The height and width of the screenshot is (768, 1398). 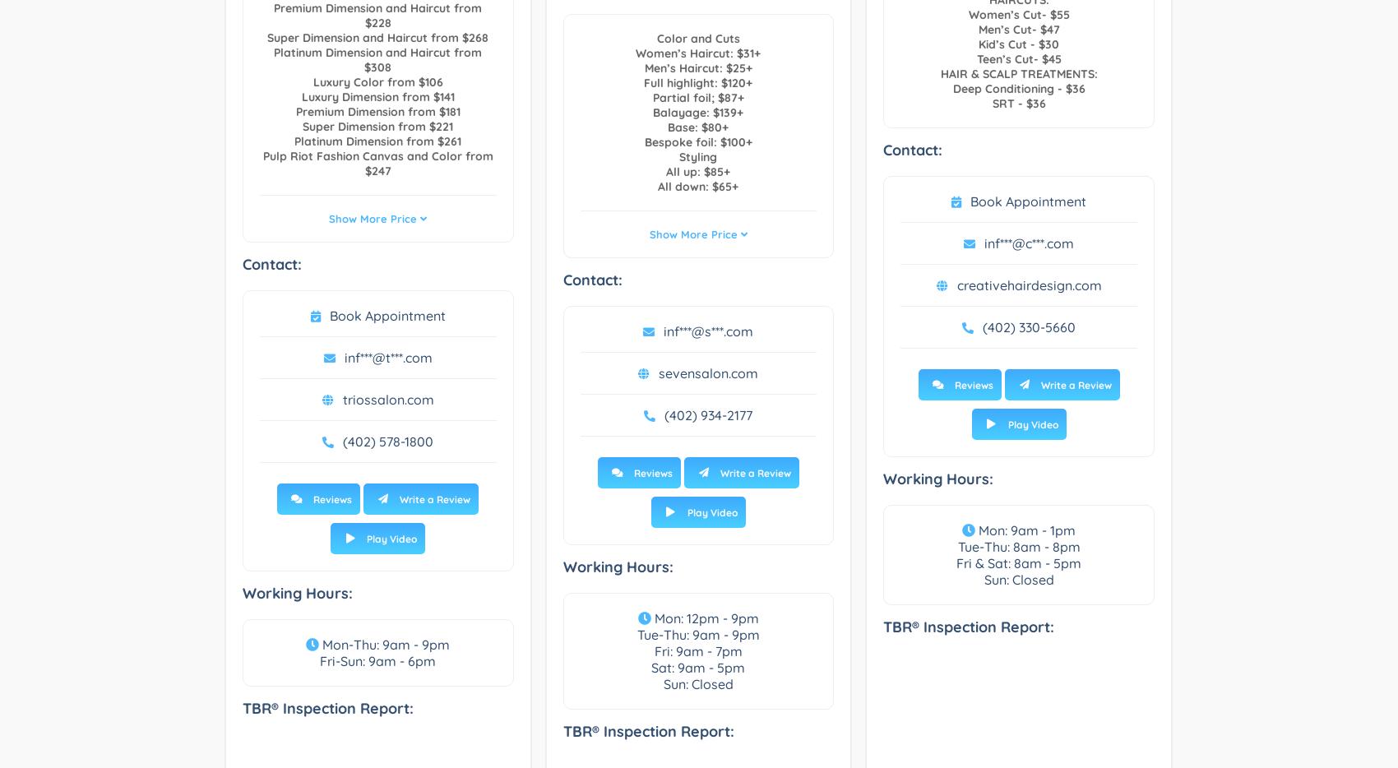 What do you see at coordinates (1017, 102) in the screenshot?
I see `'SRT - $36'` at bounding box center [1017, 102].